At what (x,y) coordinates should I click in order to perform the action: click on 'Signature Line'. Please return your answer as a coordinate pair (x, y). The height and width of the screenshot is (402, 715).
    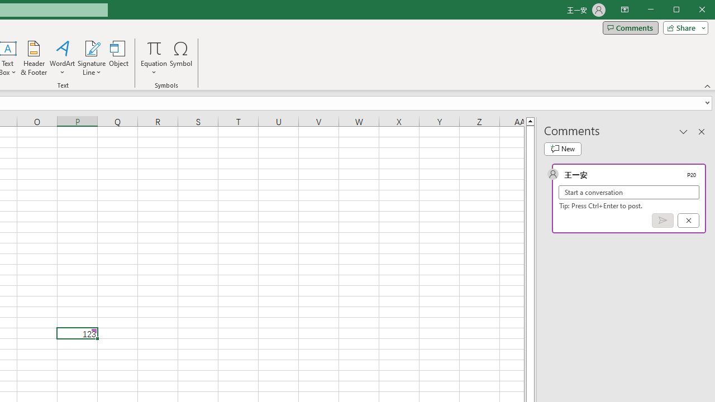
    Looking at the image, I should click on (92, 58).